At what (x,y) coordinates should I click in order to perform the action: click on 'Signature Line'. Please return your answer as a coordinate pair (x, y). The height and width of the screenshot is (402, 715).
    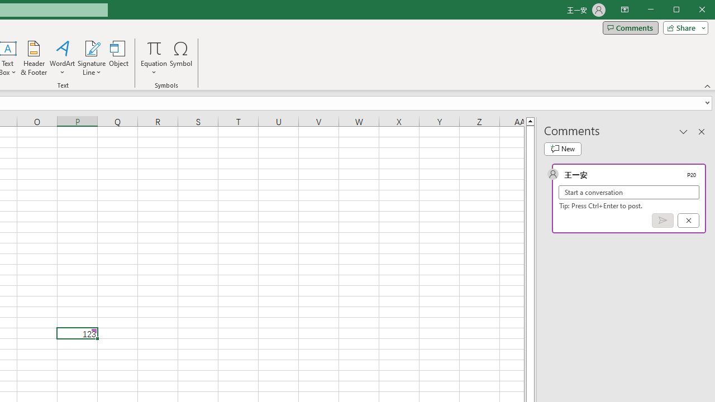
    Looking at the image, I should click on (92, 58).